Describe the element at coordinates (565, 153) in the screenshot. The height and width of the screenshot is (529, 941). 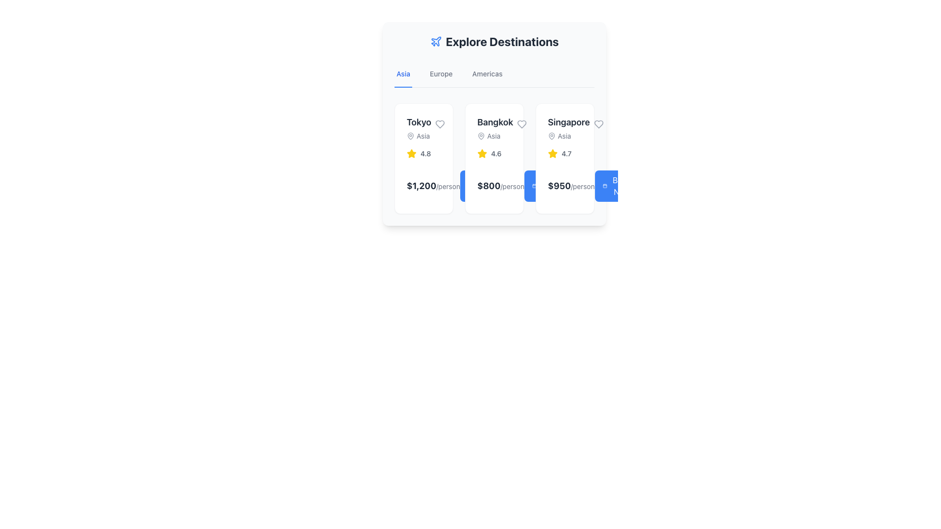
I see `the Rating display element located in the third card, positioned below the 'Singapore' text and above the price information` at that location.